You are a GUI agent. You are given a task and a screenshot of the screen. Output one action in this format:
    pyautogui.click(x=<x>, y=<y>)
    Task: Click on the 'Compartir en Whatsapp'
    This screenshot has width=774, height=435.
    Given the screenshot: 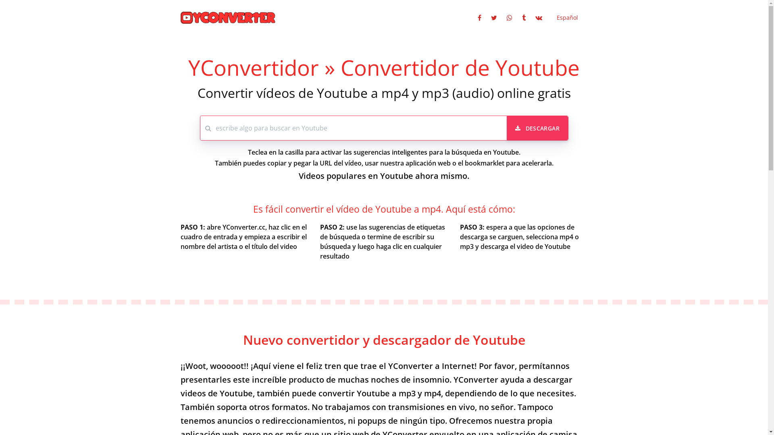 What is the action you would take?
    pyautogui.click(x=503, y=17)
    